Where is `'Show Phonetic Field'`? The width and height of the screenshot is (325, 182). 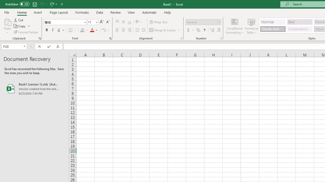 'Show Phonetic Field' is located at coordinates (103, 30).